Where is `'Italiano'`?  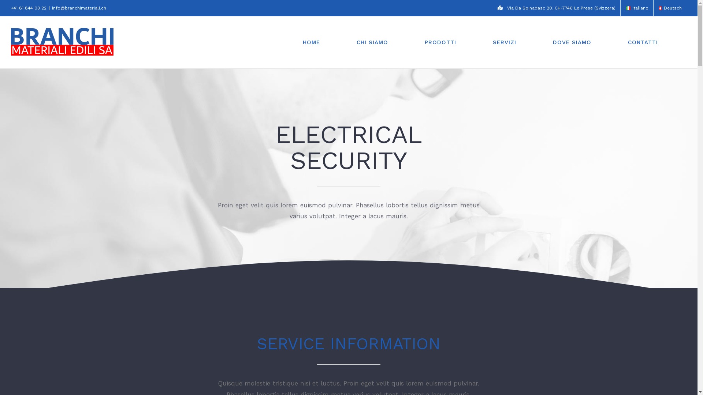 'Italiano' is located at coordinates (628, 8).